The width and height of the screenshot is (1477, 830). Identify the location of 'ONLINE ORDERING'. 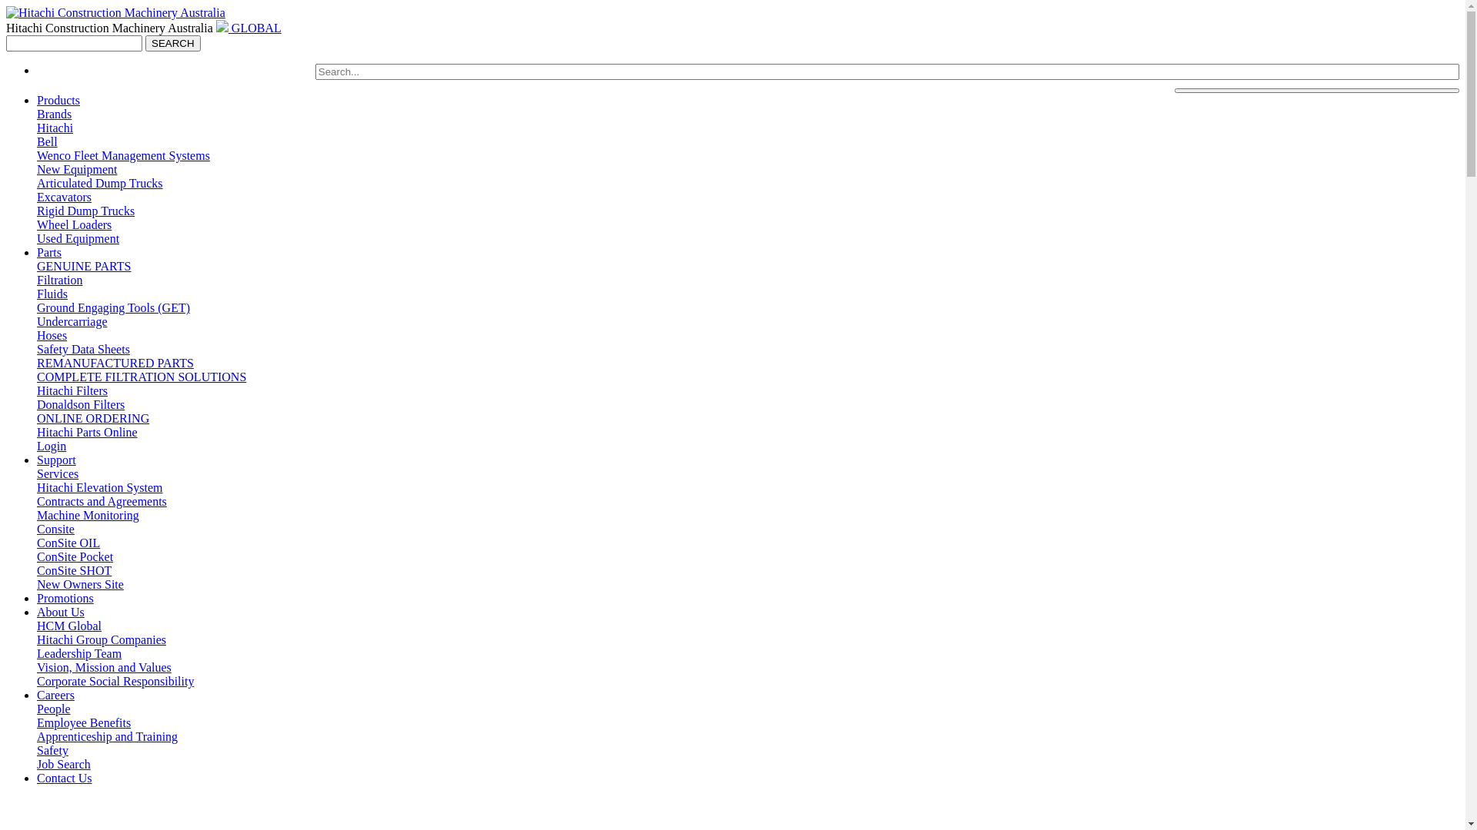
(92, 418).